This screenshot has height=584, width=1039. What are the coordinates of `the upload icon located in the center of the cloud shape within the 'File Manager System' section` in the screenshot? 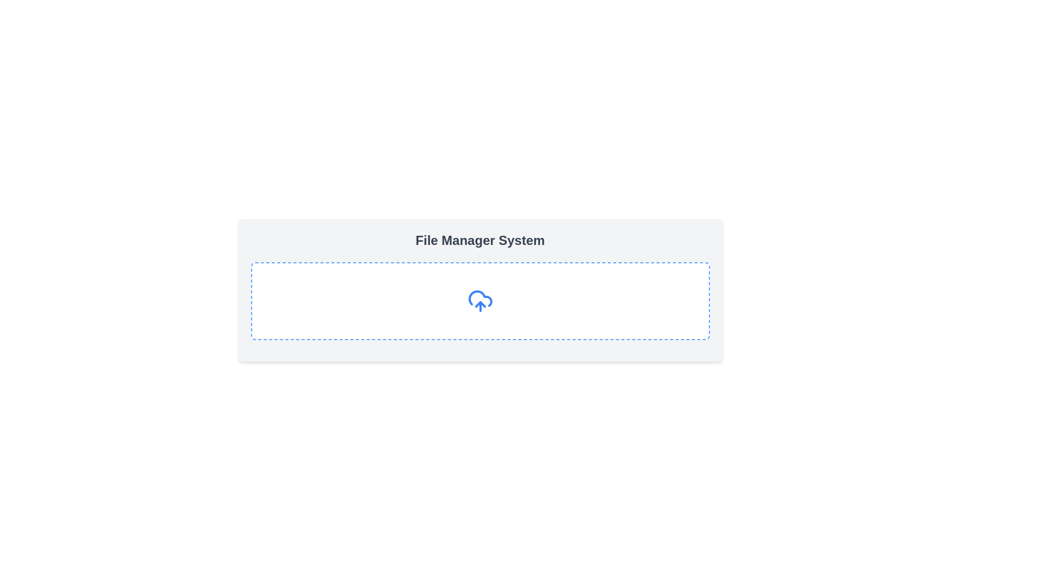 It's located at (479, 304).